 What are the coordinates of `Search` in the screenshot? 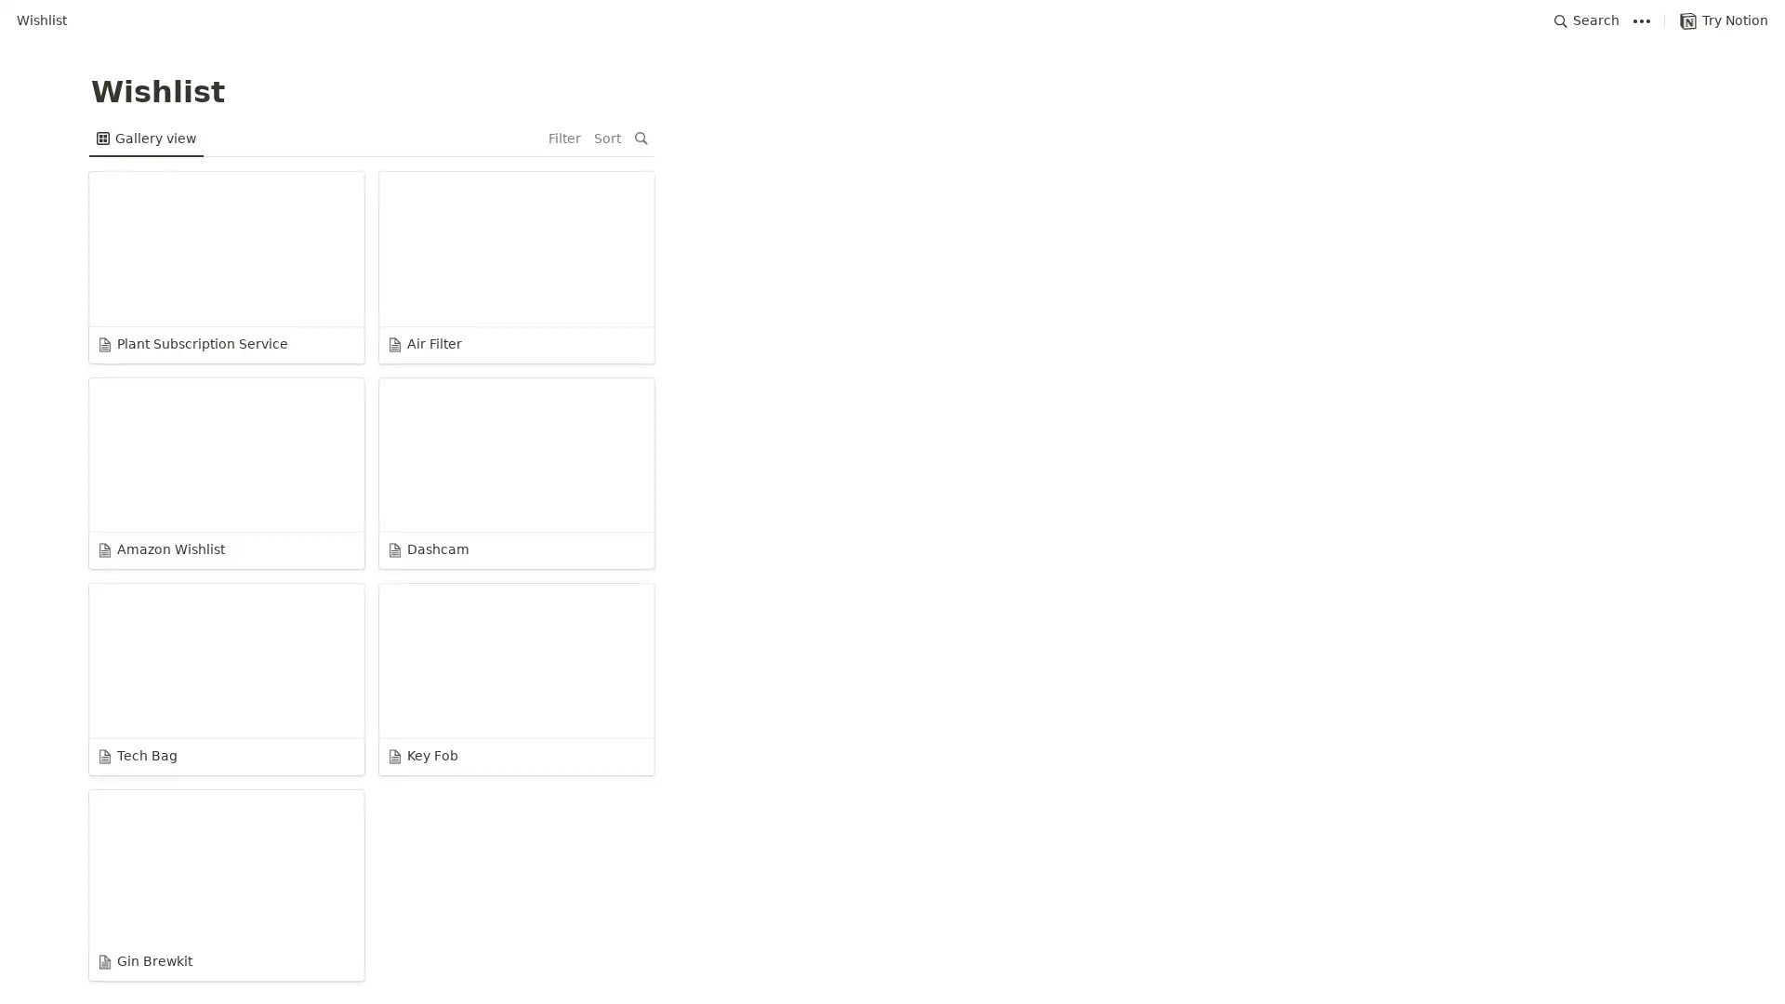 It's located at (1586, 20).